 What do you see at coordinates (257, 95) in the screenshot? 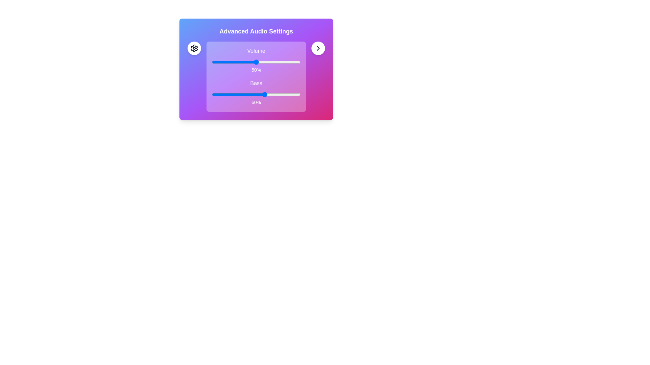
I see `the bass slider to set the bass level to 51%` at bounding box center [257, 95].